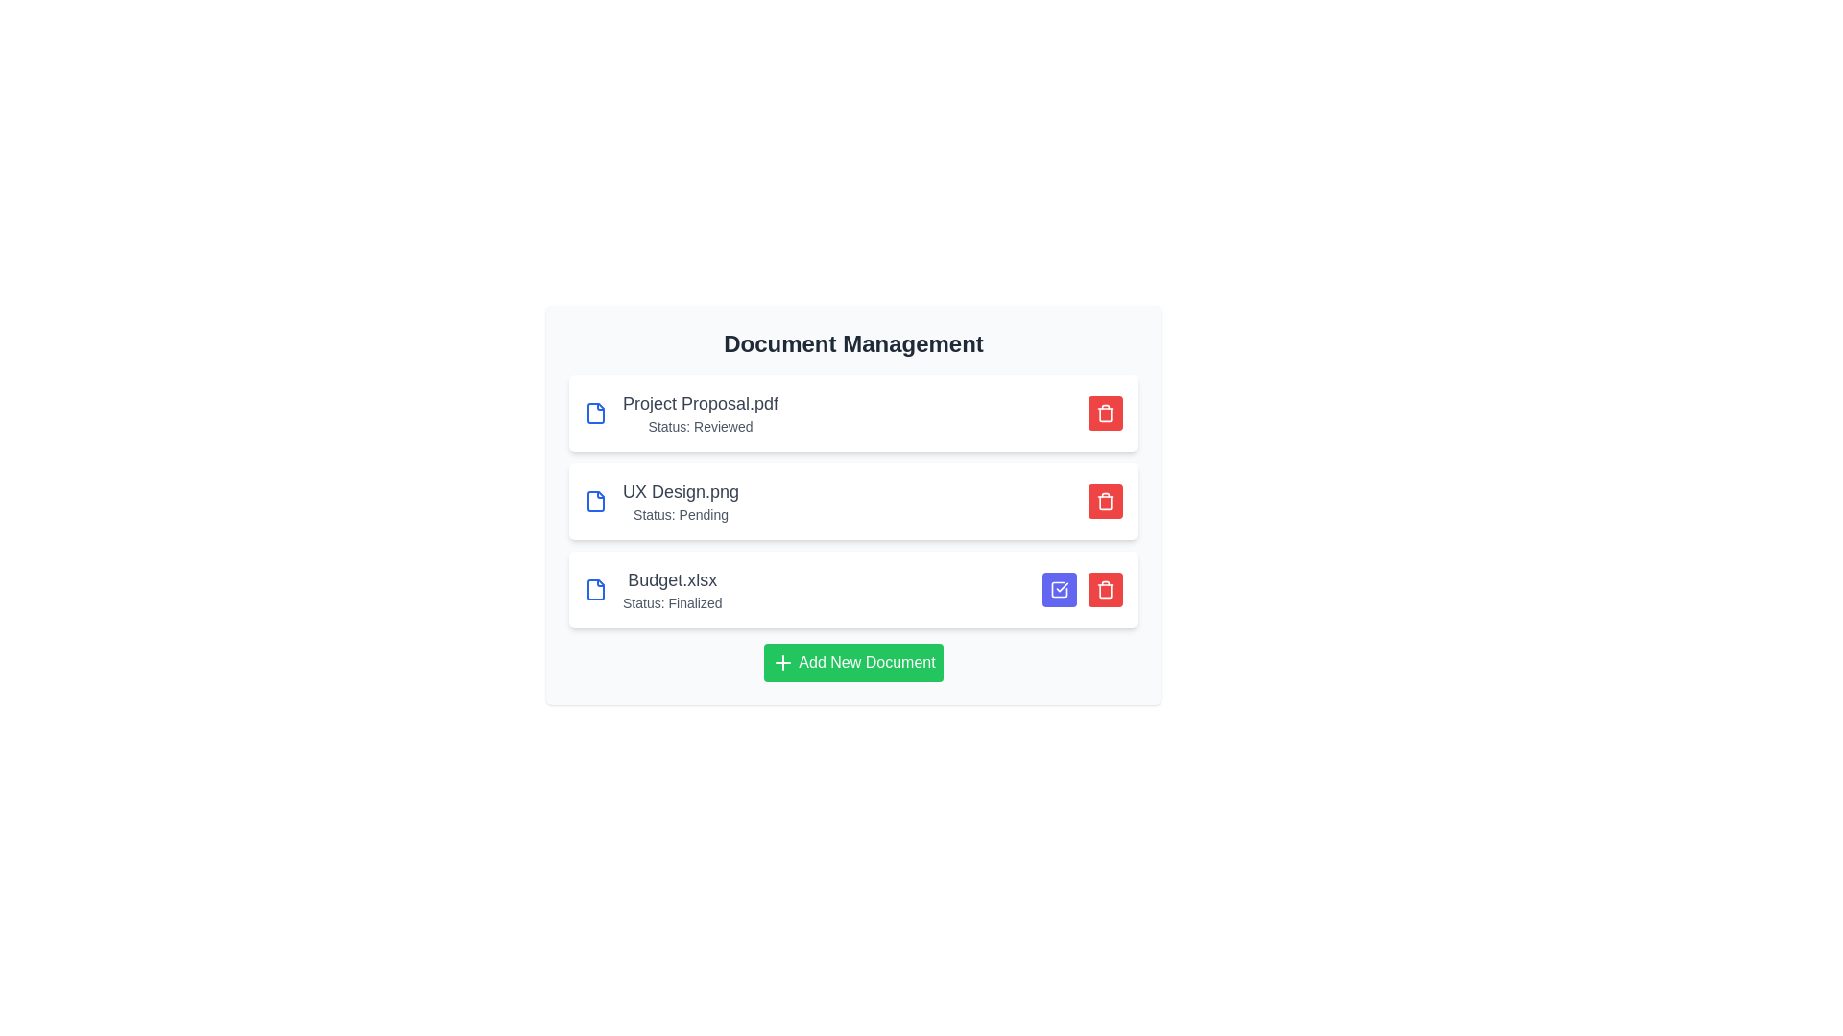  What do you see at coordinates (1106, 588) in the screenshot?
I see `delete button for the document named Budget.xlsx` at bounding box center [1106, 588].